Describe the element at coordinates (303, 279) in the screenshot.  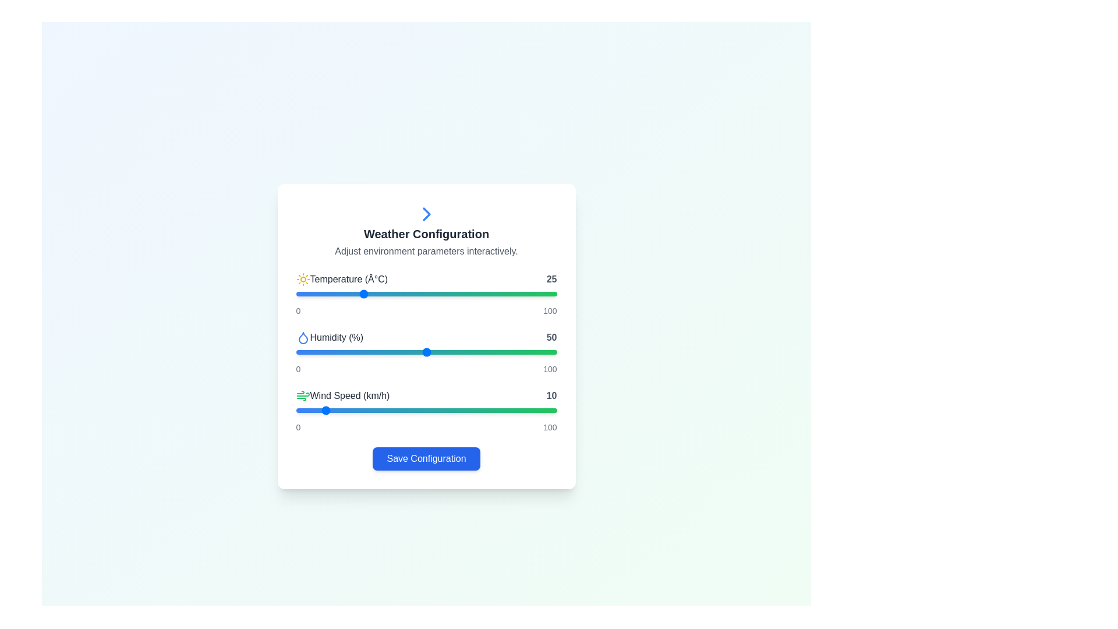
I see `the Temperature icon located to the left of the 'Temperature (°C)' text in the Weather Configuration card` at that location.